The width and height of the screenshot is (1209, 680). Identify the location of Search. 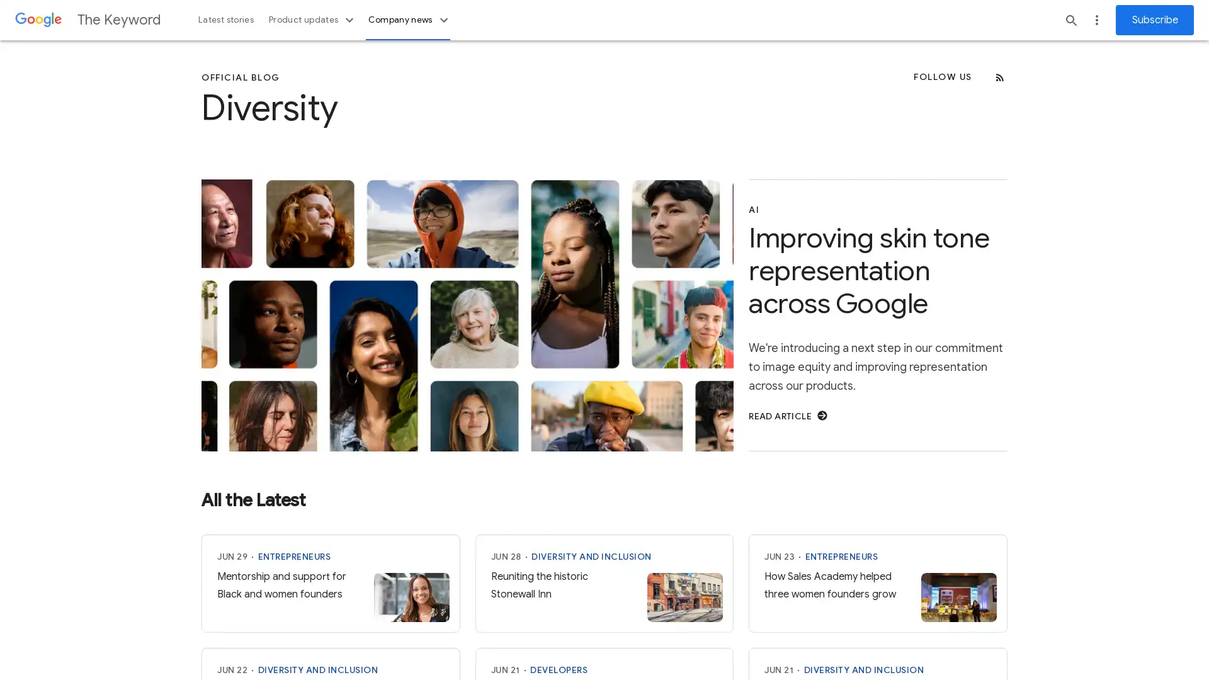
(1071, 20).